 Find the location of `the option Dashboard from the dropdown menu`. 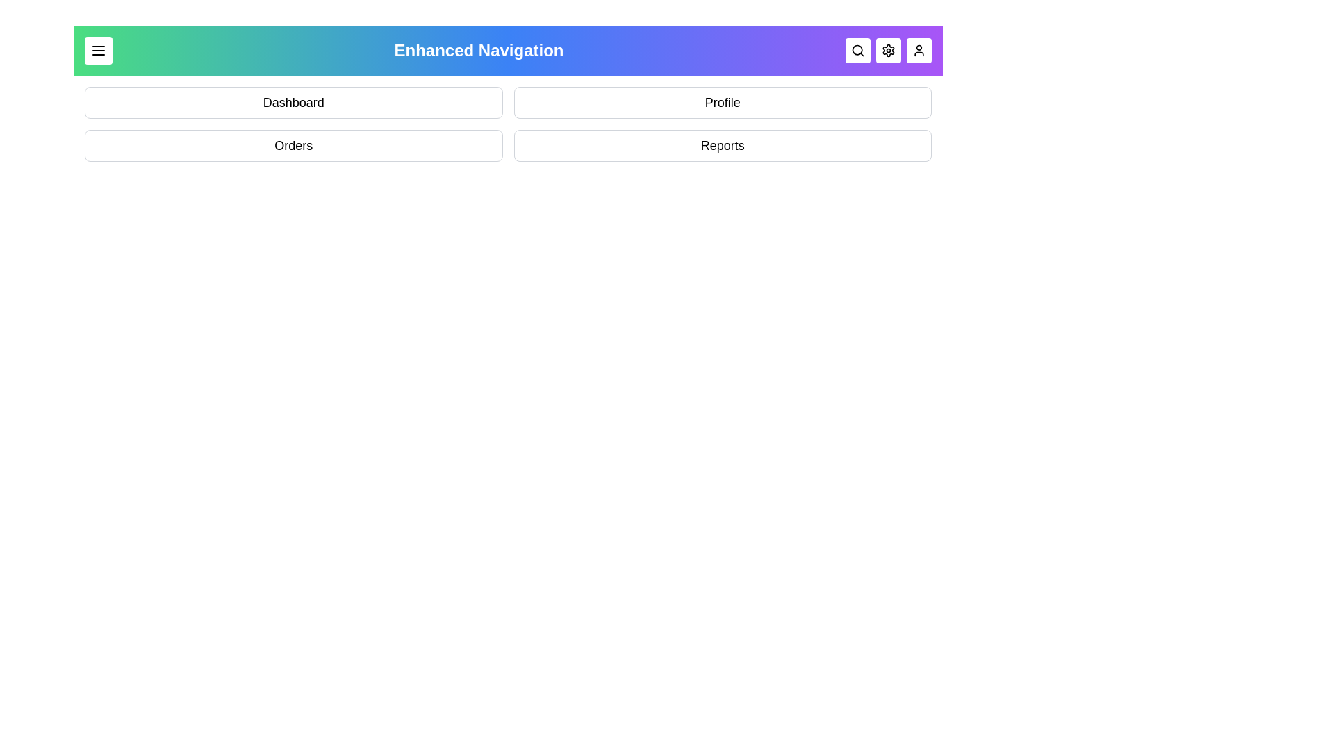

the option Dashboard from the dropdown menu is located at coordinates (293, 101).